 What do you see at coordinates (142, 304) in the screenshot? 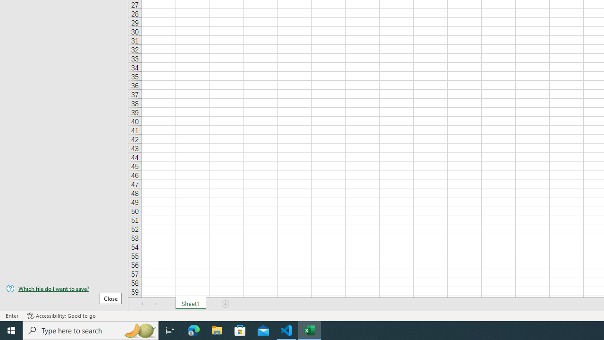
I see `'Scroll Left'` at bounding box center [142, 304].